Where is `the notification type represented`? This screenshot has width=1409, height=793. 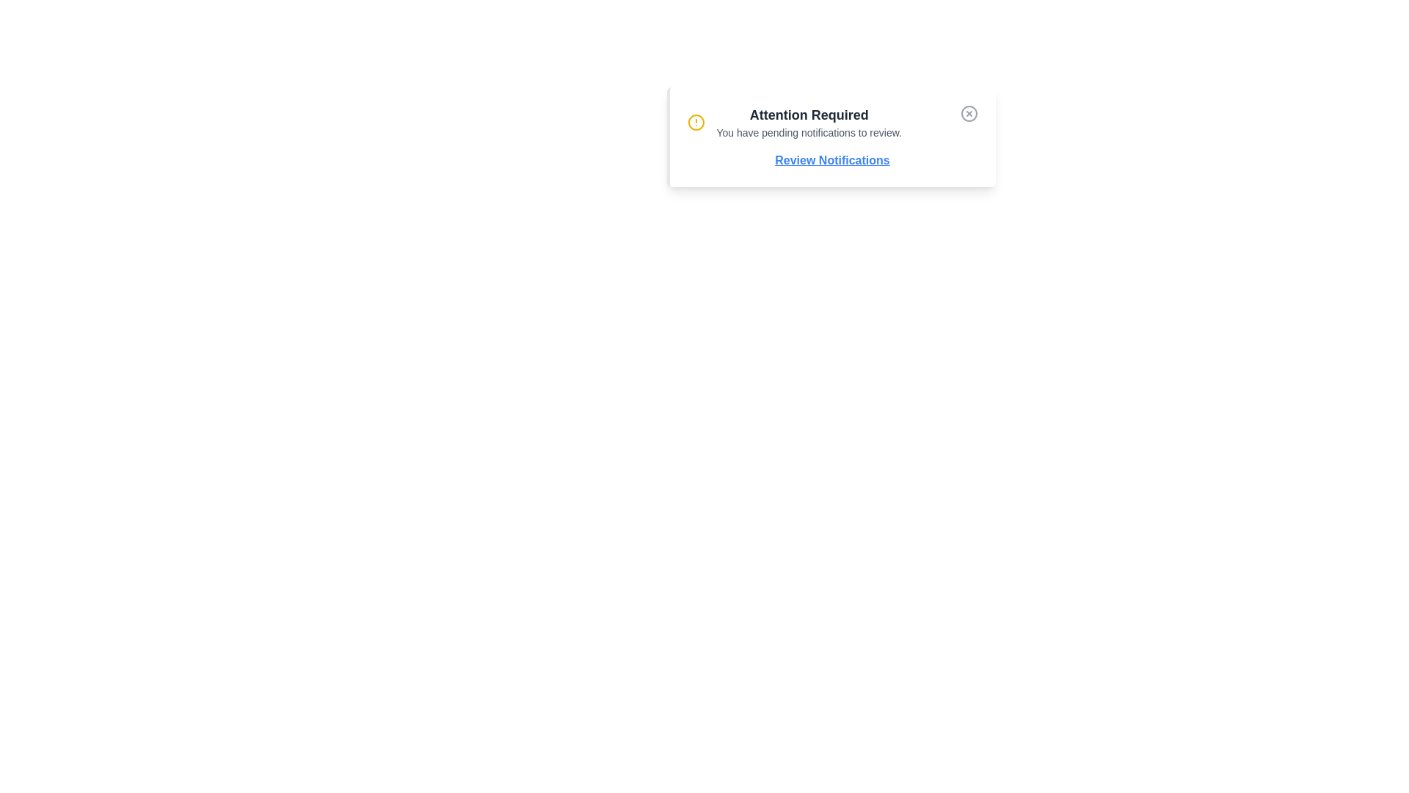
the notification type represented is located at coordinates (808, 115).